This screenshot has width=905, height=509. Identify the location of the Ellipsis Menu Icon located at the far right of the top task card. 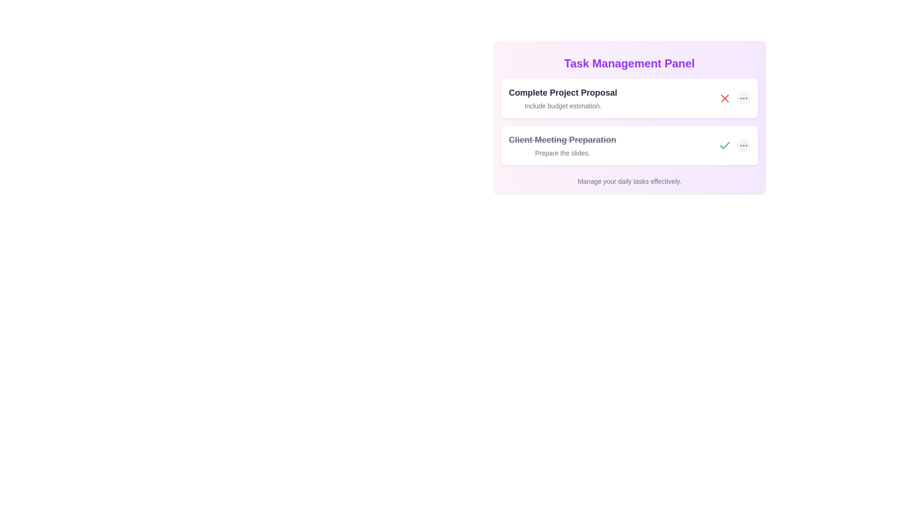
(743, 145).